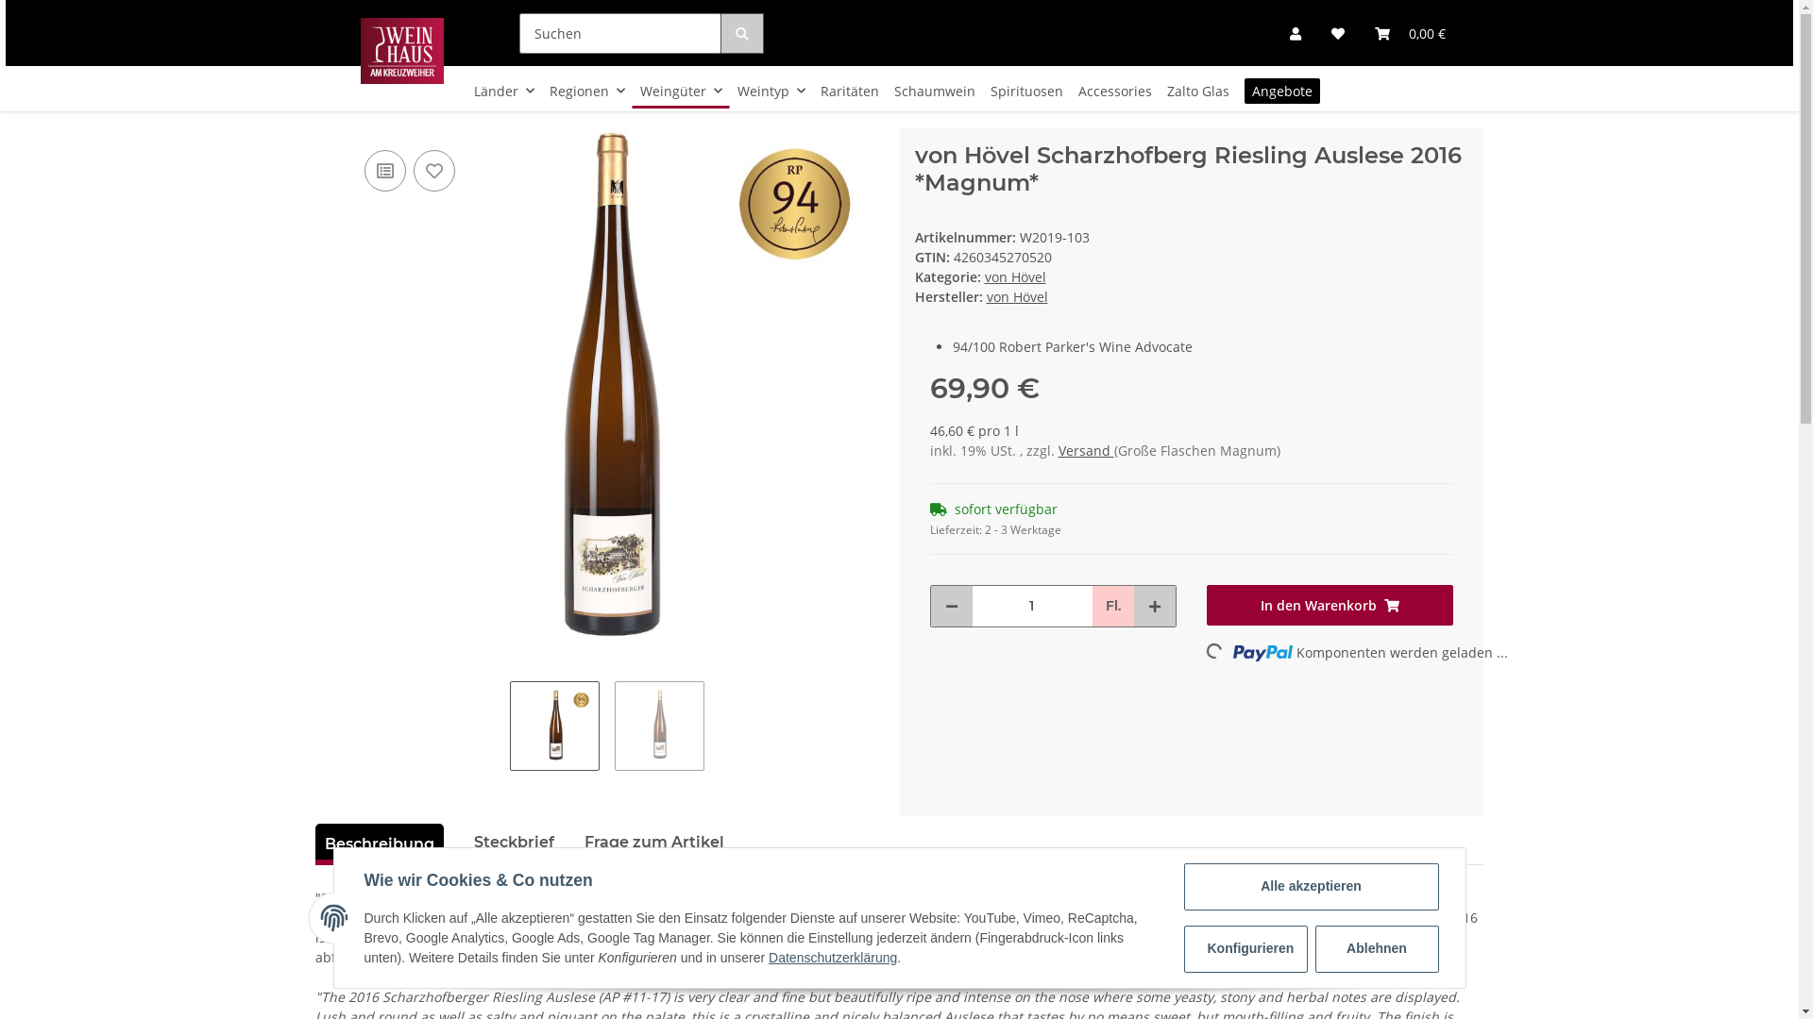 This screenshot has width=1813, height=1019. Describe the element at coordinates (1282, 91) in the screenshot. I see `'Angebote'` at that location.